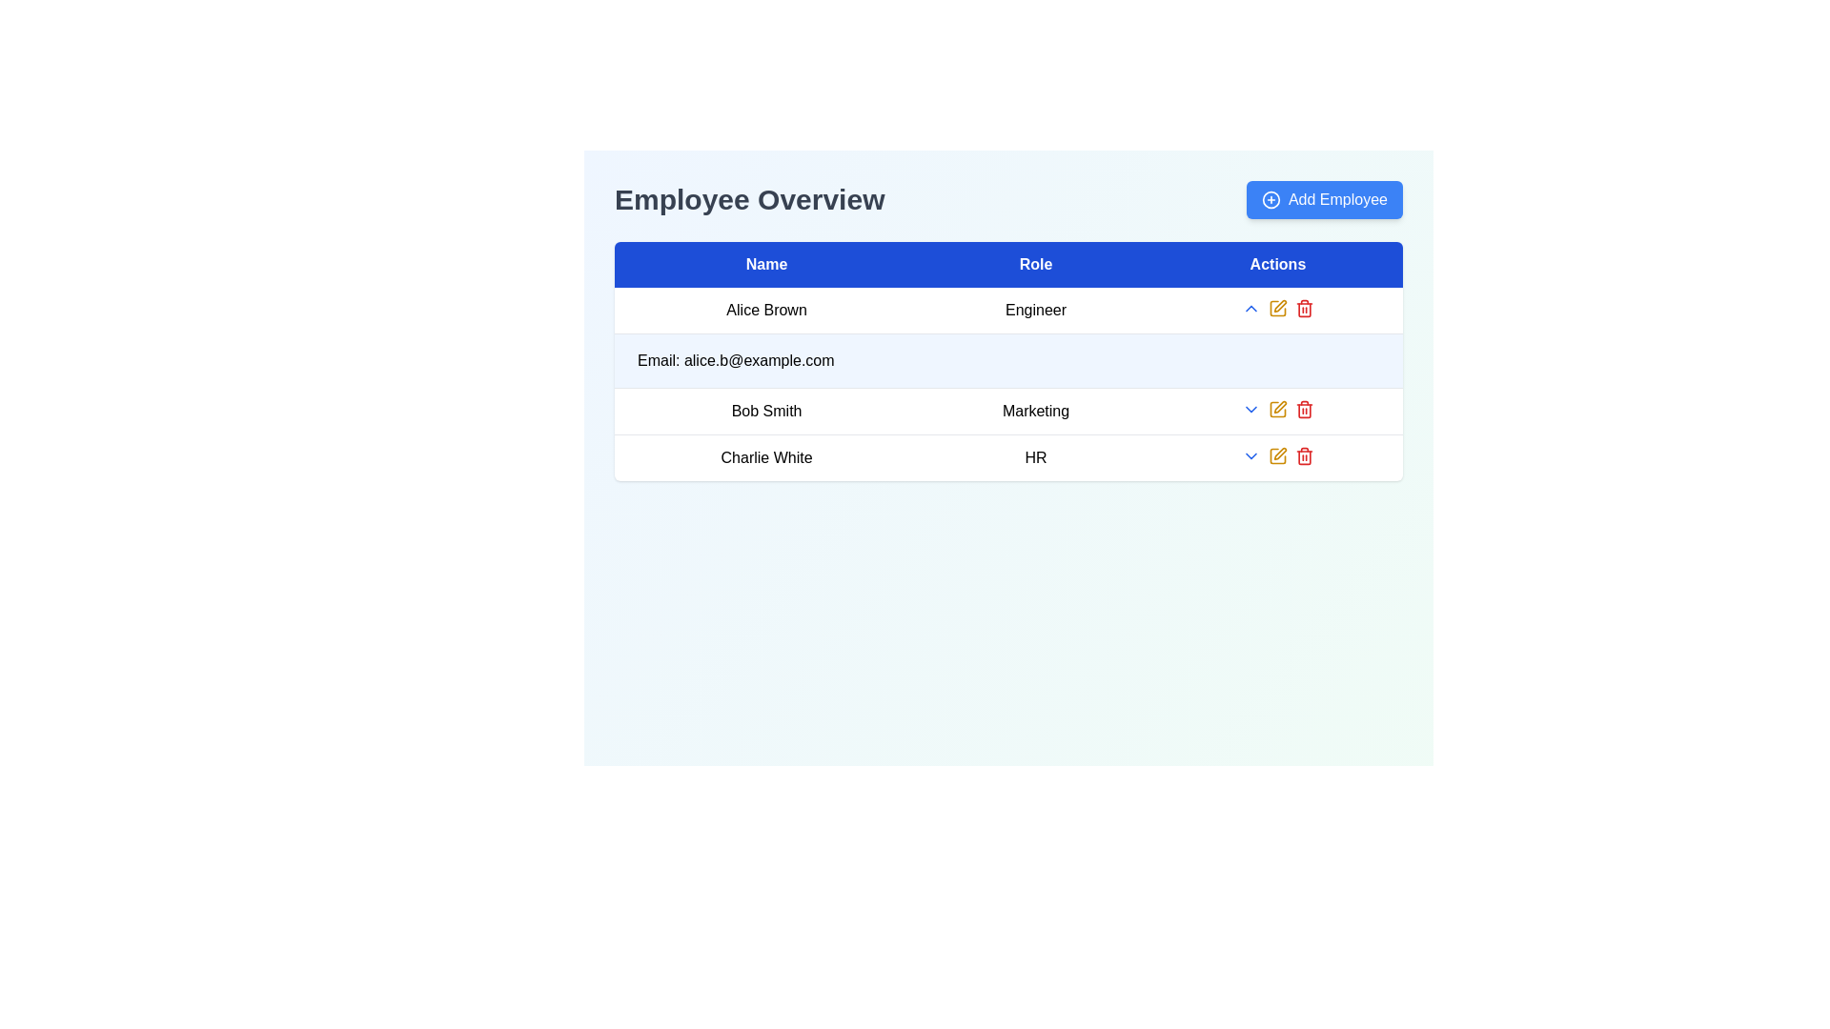  I want to click on the circular icon with a plus sign inside, located within the 'Add Employee' button at the top-right corner of the interface, so click(1271, 199).